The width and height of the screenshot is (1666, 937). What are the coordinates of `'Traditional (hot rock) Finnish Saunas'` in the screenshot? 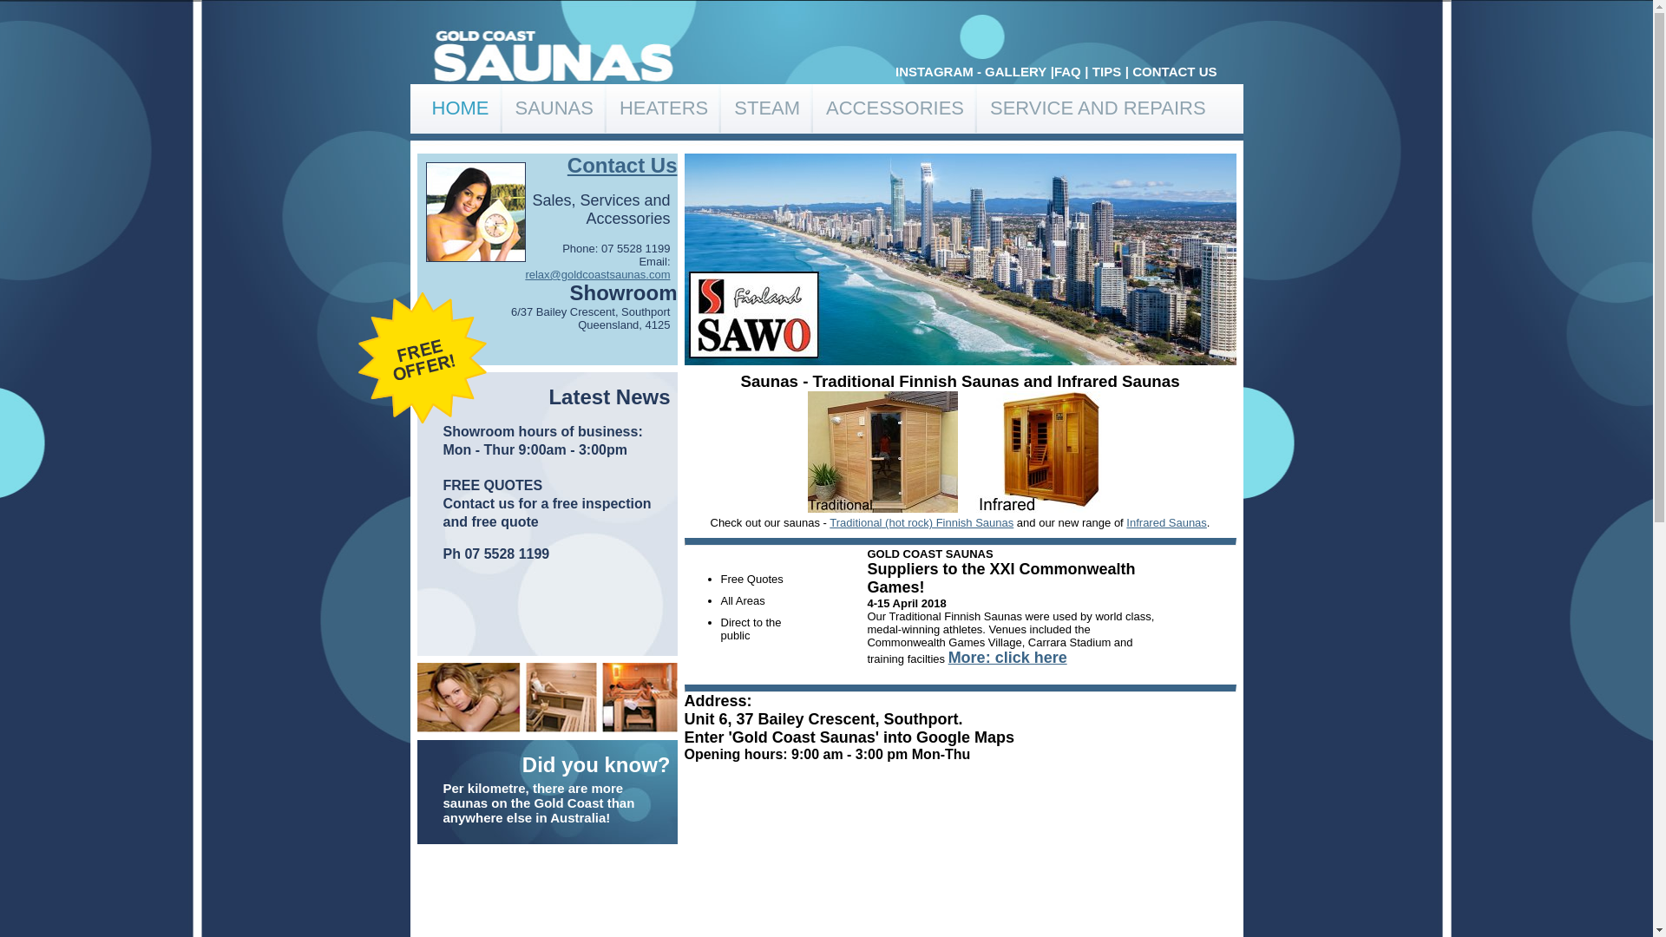 It's located at (920, 521).